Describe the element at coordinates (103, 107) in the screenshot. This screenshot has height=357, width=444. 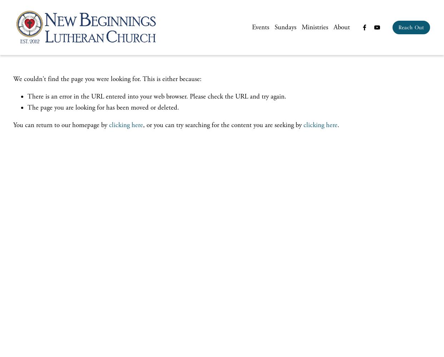
I see `'The page you are looking for has been moved or deleted.'` at that location.